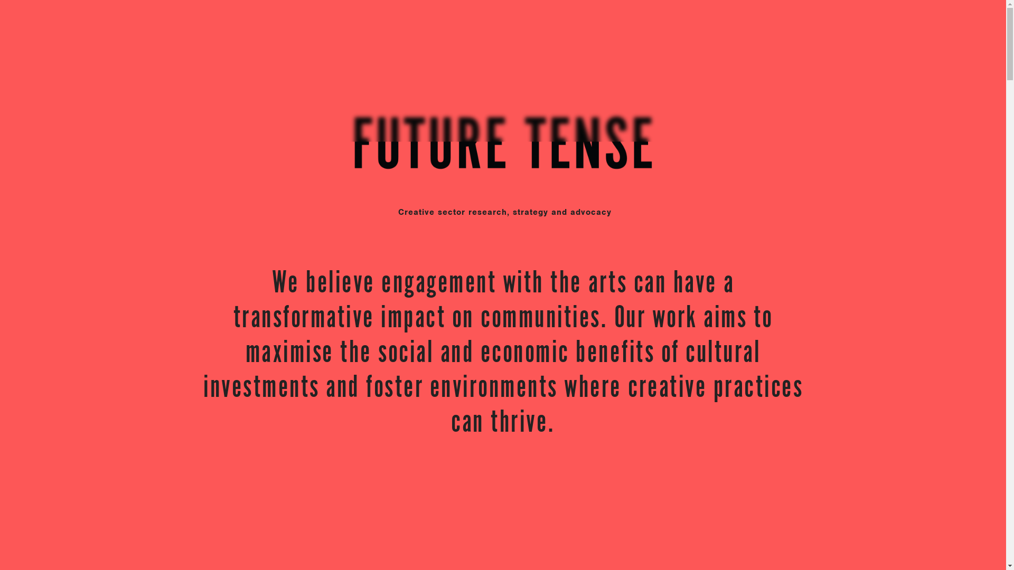 Image resolution: width=1014 pixels, height=570 pixels. Describe the element at coordinates (0, 0) in the screenshot. I see `'Skip to content'` at that location.